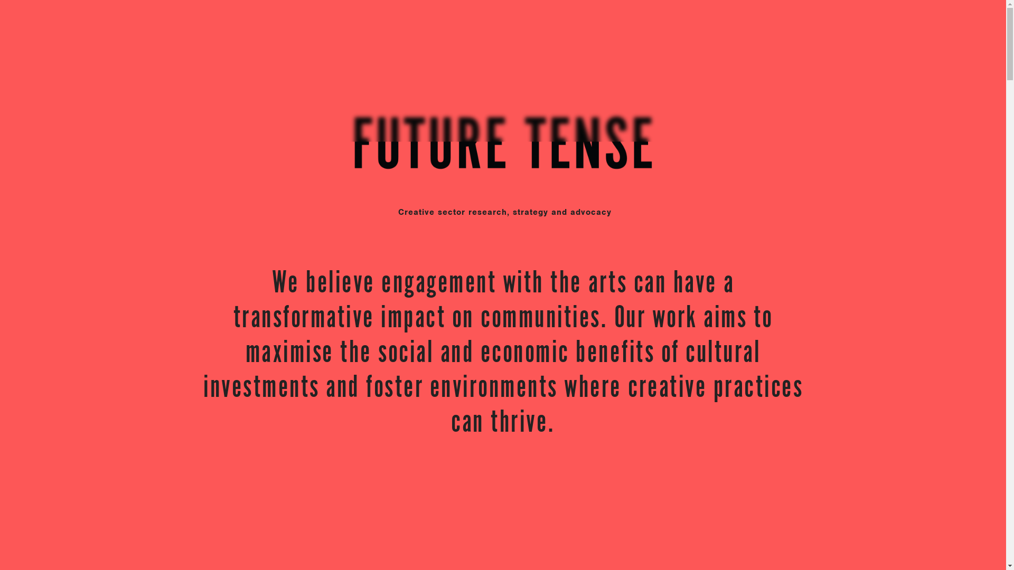 Image resolution: width=1014 pixels, height=570 pixels. Describe the element at coordinates (0, 0) in the screenshot. I see `'Skip to content'` at that location.